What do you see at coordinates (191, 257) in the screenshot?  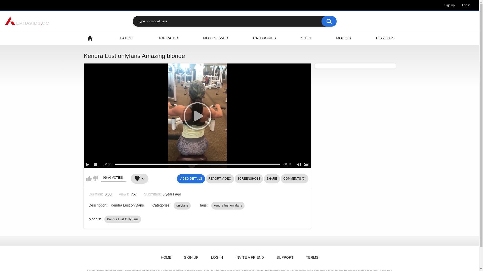 I see `'SIGN UP'` at bounding box center [191, 257].